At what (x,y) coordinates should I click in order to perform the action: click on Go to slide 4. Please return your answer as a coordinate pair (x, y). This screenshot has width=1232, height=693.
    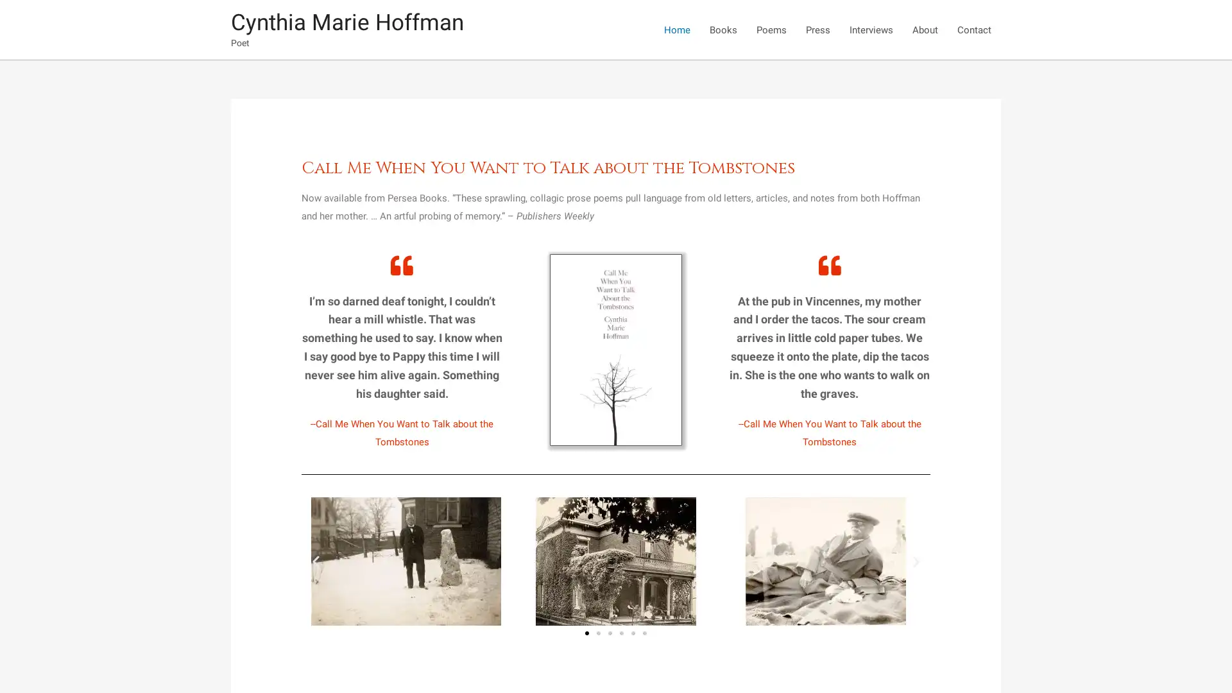
    Looking at the image, I should click on (622, 633).